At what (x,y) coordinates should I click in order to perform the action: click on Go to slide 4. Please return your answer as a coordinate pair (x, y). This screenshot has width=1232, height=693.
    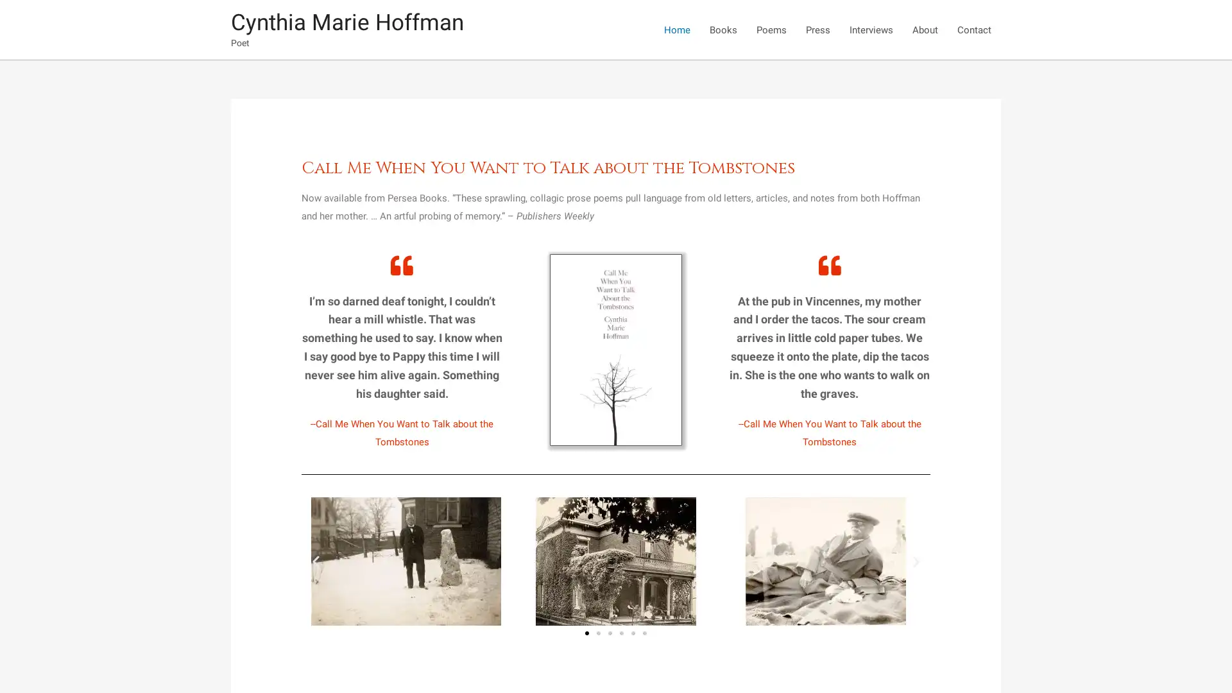
    Looking at the image, I should click on (622, 633).